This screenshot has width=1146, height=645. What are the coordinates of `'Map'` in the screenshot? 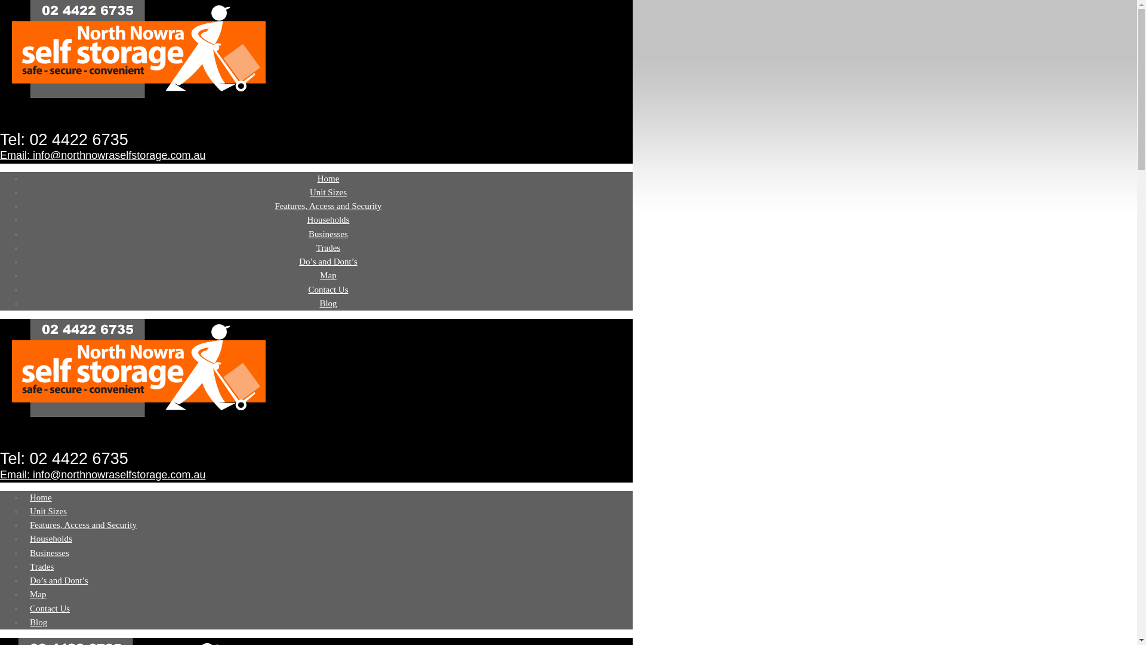 It's located at (23, 594).